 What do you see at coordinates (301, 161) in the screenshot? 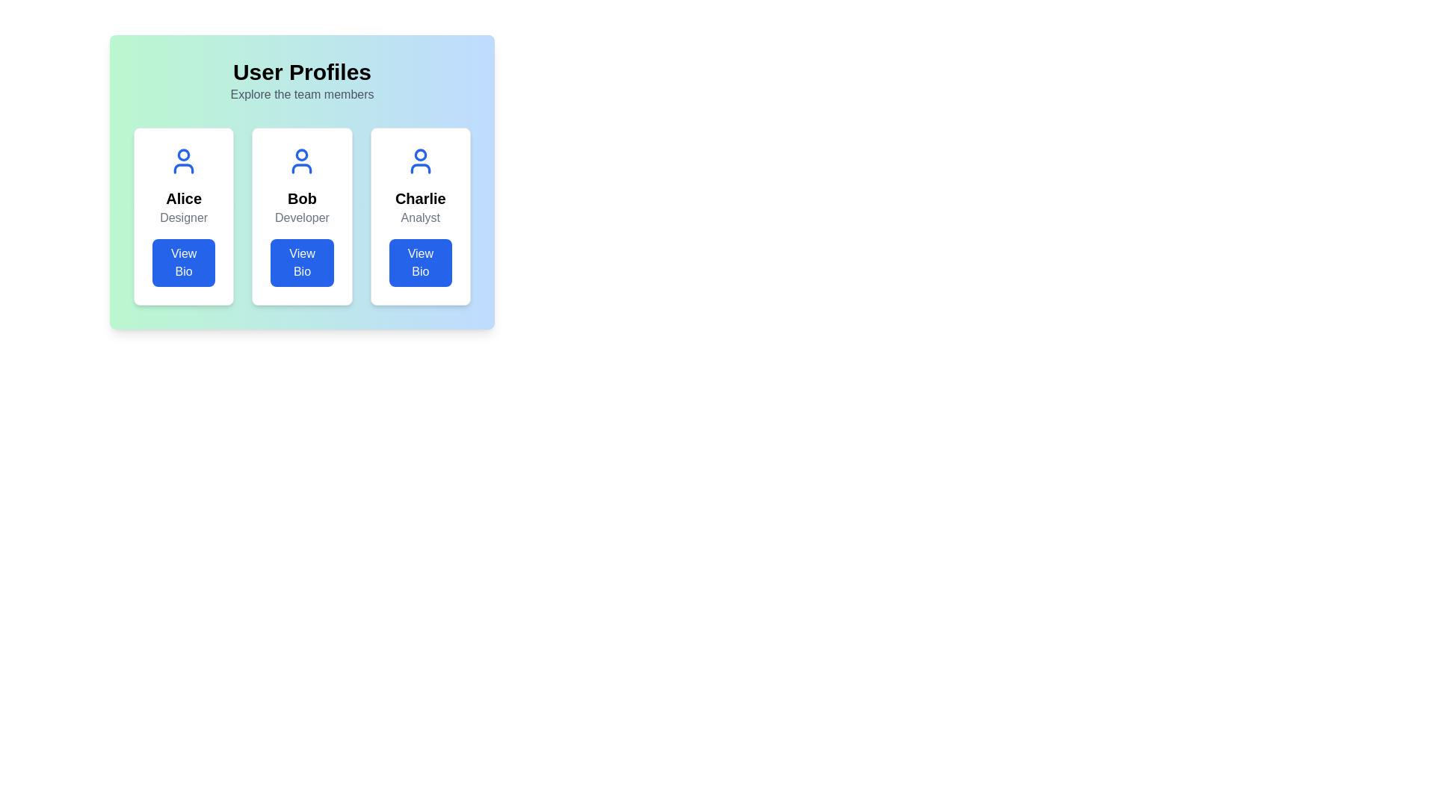
I see `the user profile icon representing 'Bob', located in the central card under the 'User Profiles' header and above the 'View Bio' button` at bounding box center [301, 161].